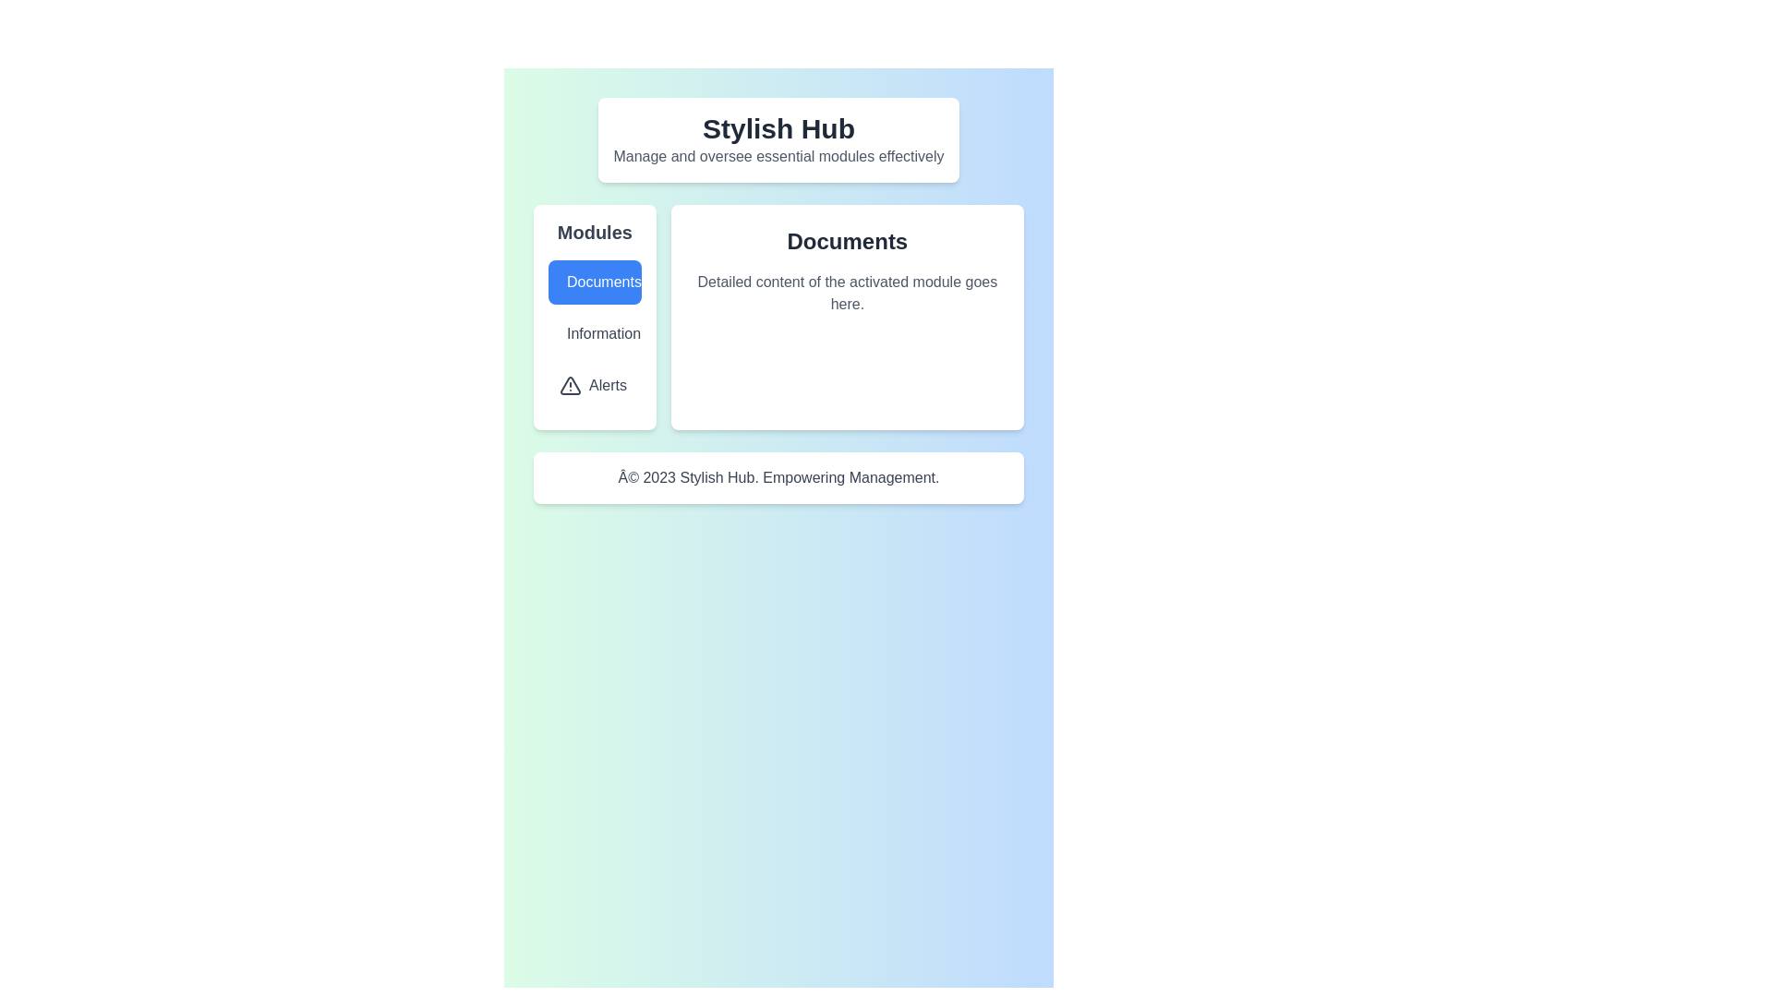  What do you see at coordinates (595, 231) in the screenshot?
I see `the Header text in the sidebar that indicates 'Modules', which is the topmost item in the section` at bounding box center [595, 231].